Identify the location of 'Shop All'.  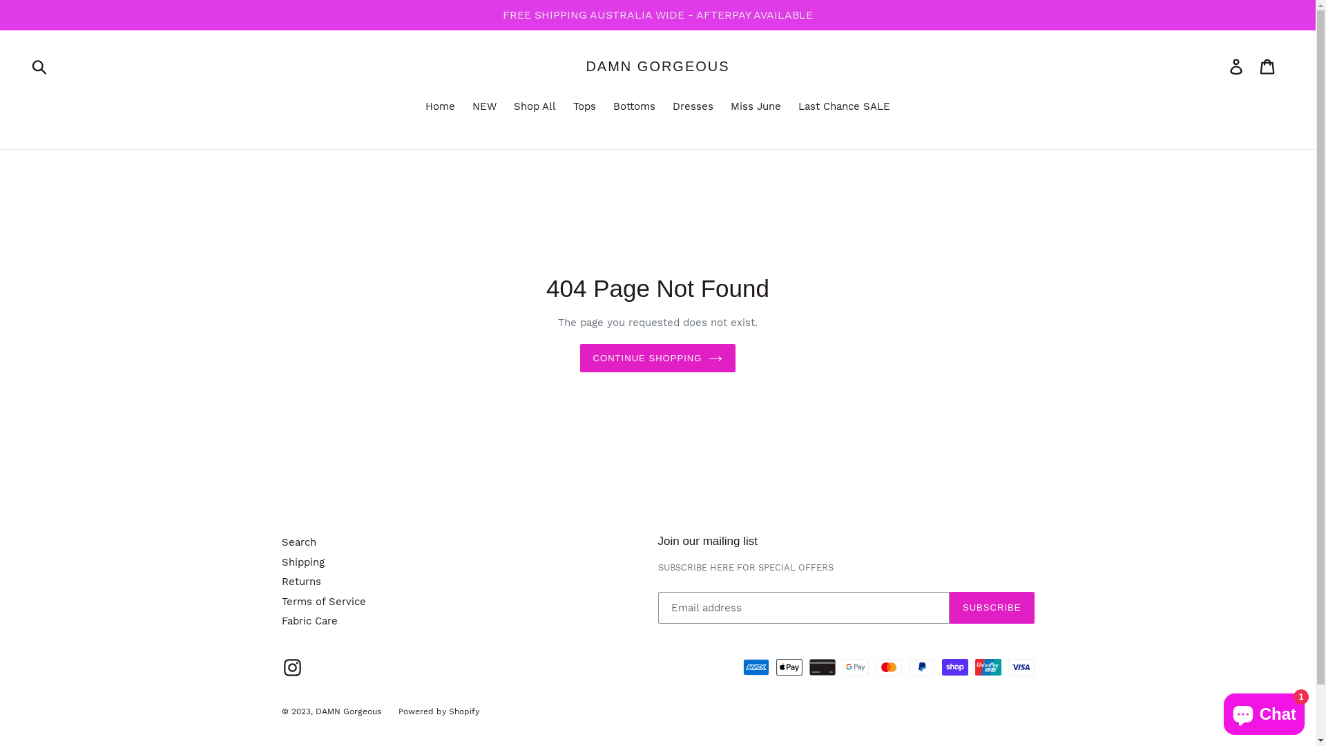
(534, 106).